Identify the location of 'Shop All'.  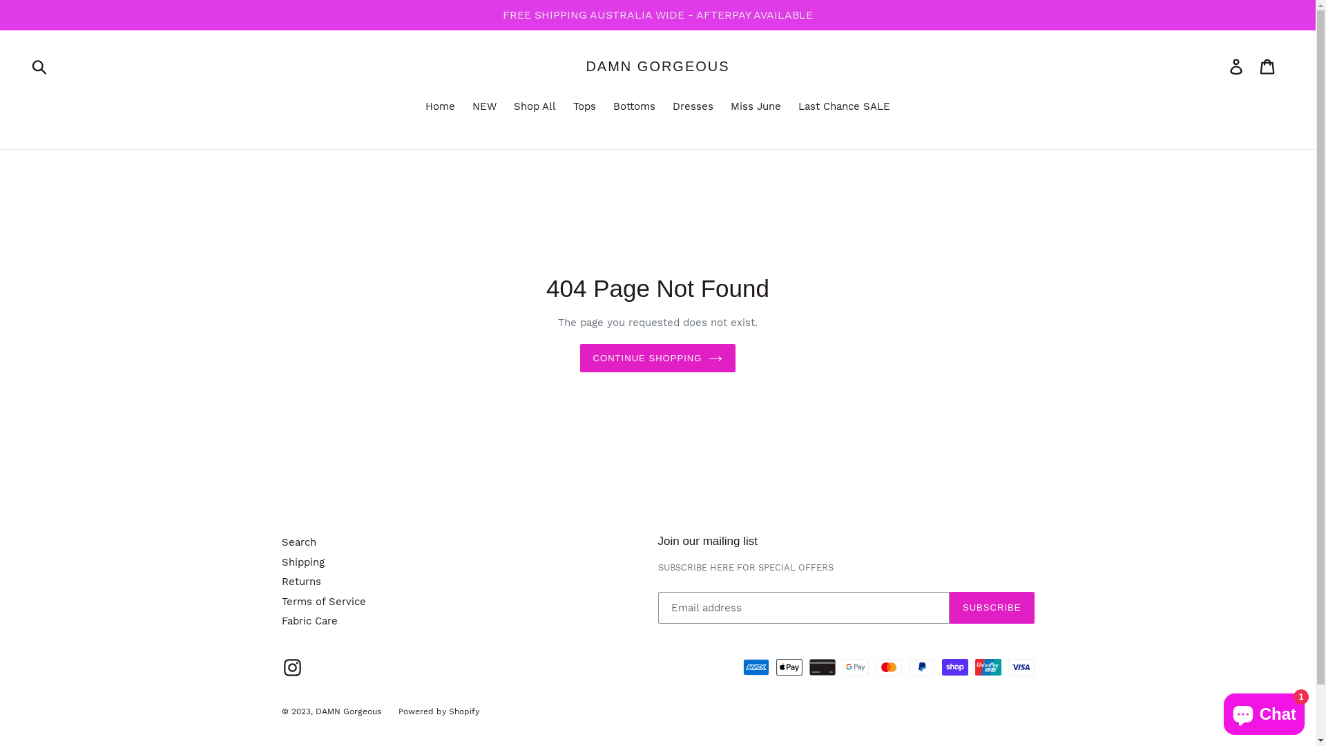
(534, 106).